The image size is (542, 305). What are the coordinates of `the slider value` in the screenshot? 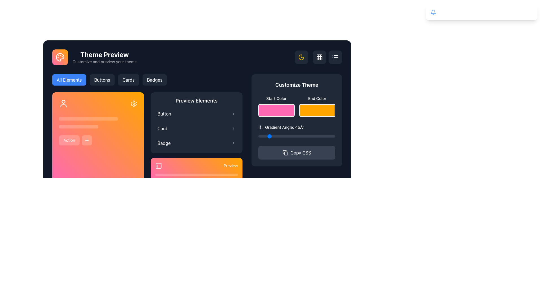 It's located at (286, 136).